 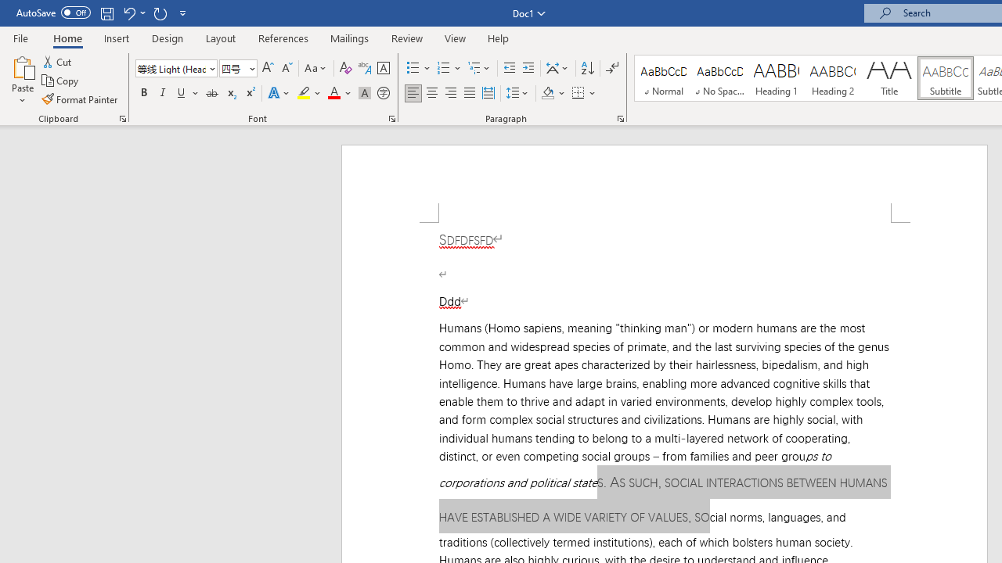 What do you see at coordinates (488, 93) in the screenshot?
I see `'Distributed'` at bounding box center [488, 93].